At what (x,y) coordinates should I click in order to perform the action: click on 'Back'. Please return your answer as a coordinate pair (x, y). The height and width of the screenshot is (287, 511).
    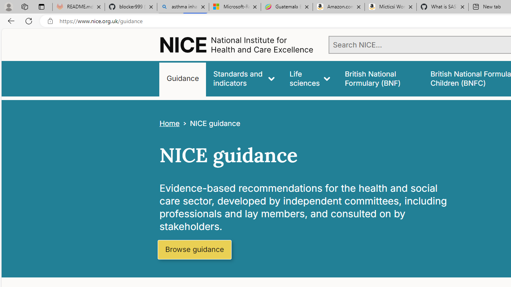
    Looking at the image, I should click on (10, 20).